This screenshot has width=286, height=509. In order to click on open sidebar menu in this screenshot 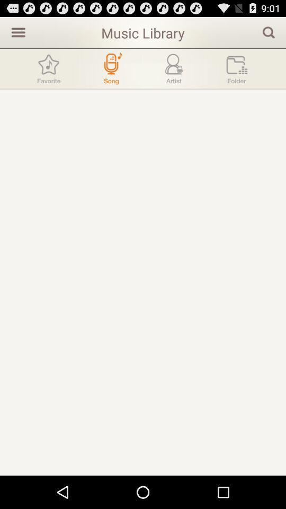, I will do `click(16, 31)`.